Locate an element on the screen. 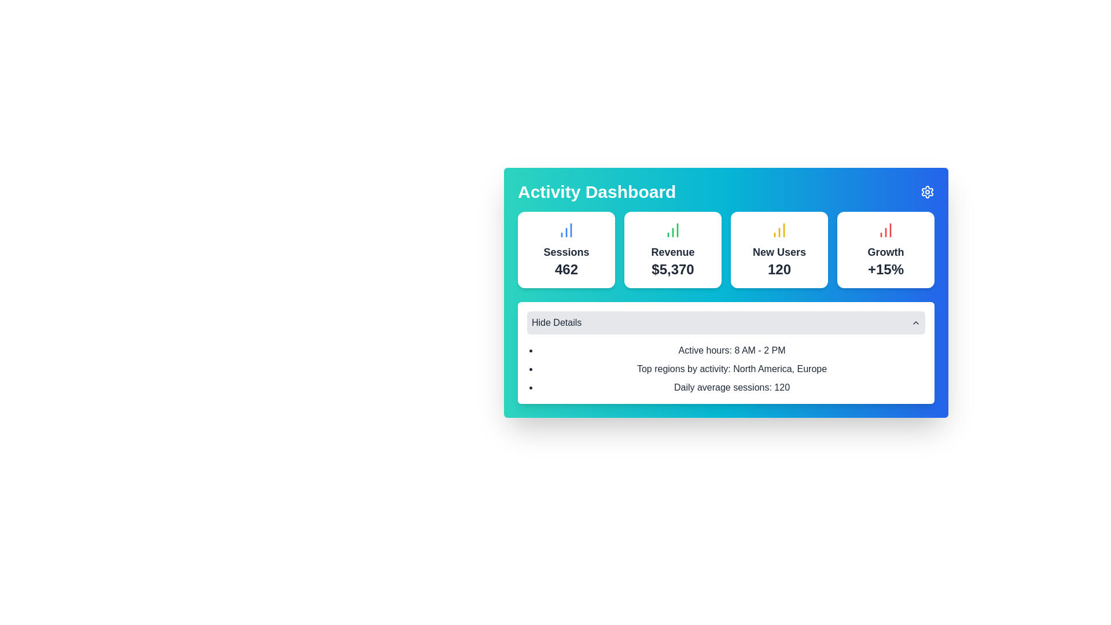 The height and width of the screenshot is (625, 1111). the gear icon button in the top-right corner of the 'Activity Dashboard' is located at coordinates (928, 191).